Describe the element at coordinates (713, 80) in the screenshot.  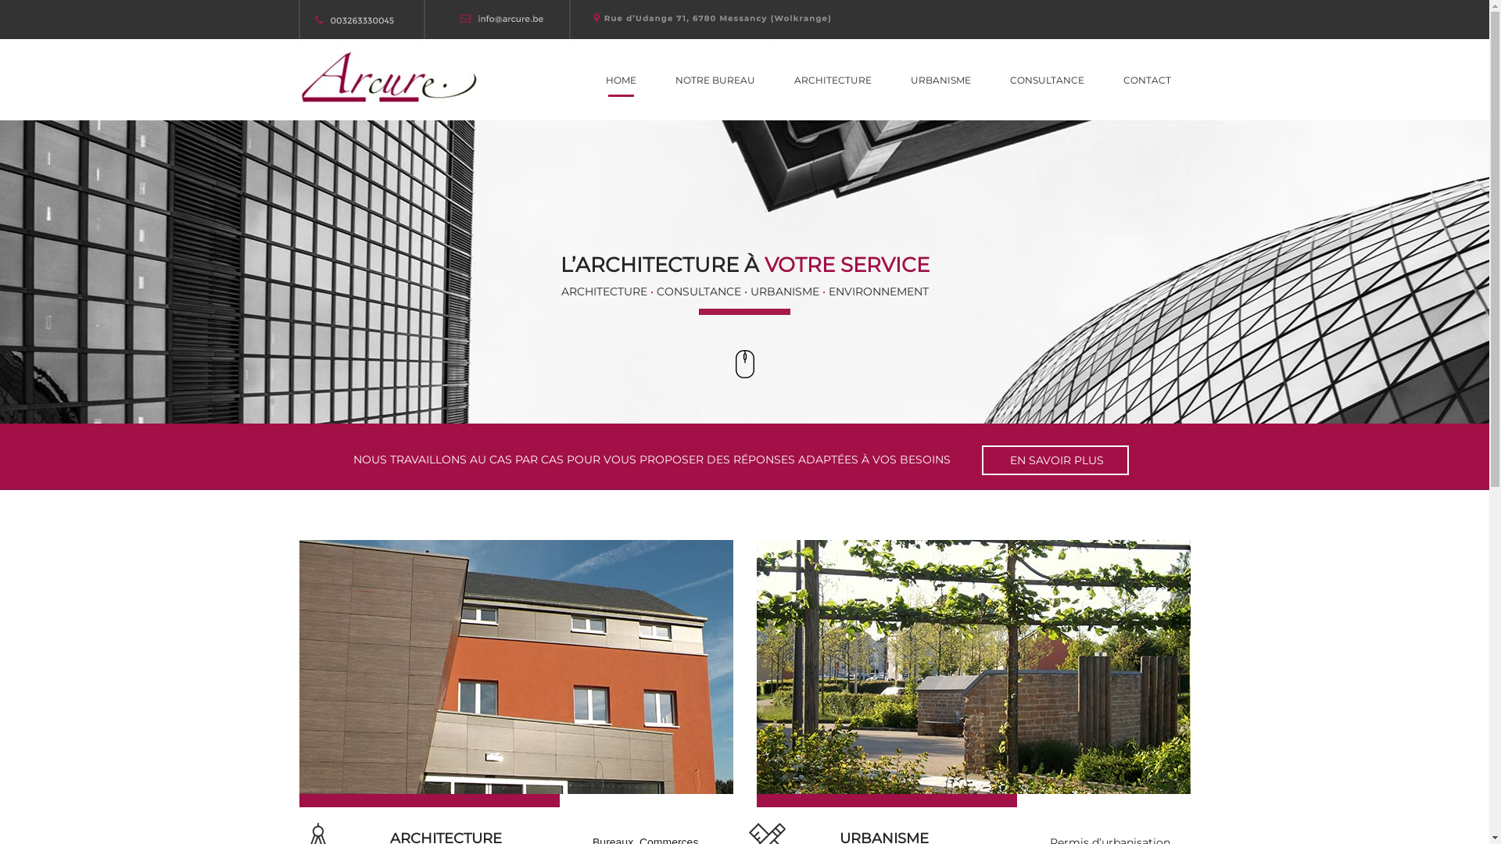
I see `'NOTRE BUREAU'` at that location.